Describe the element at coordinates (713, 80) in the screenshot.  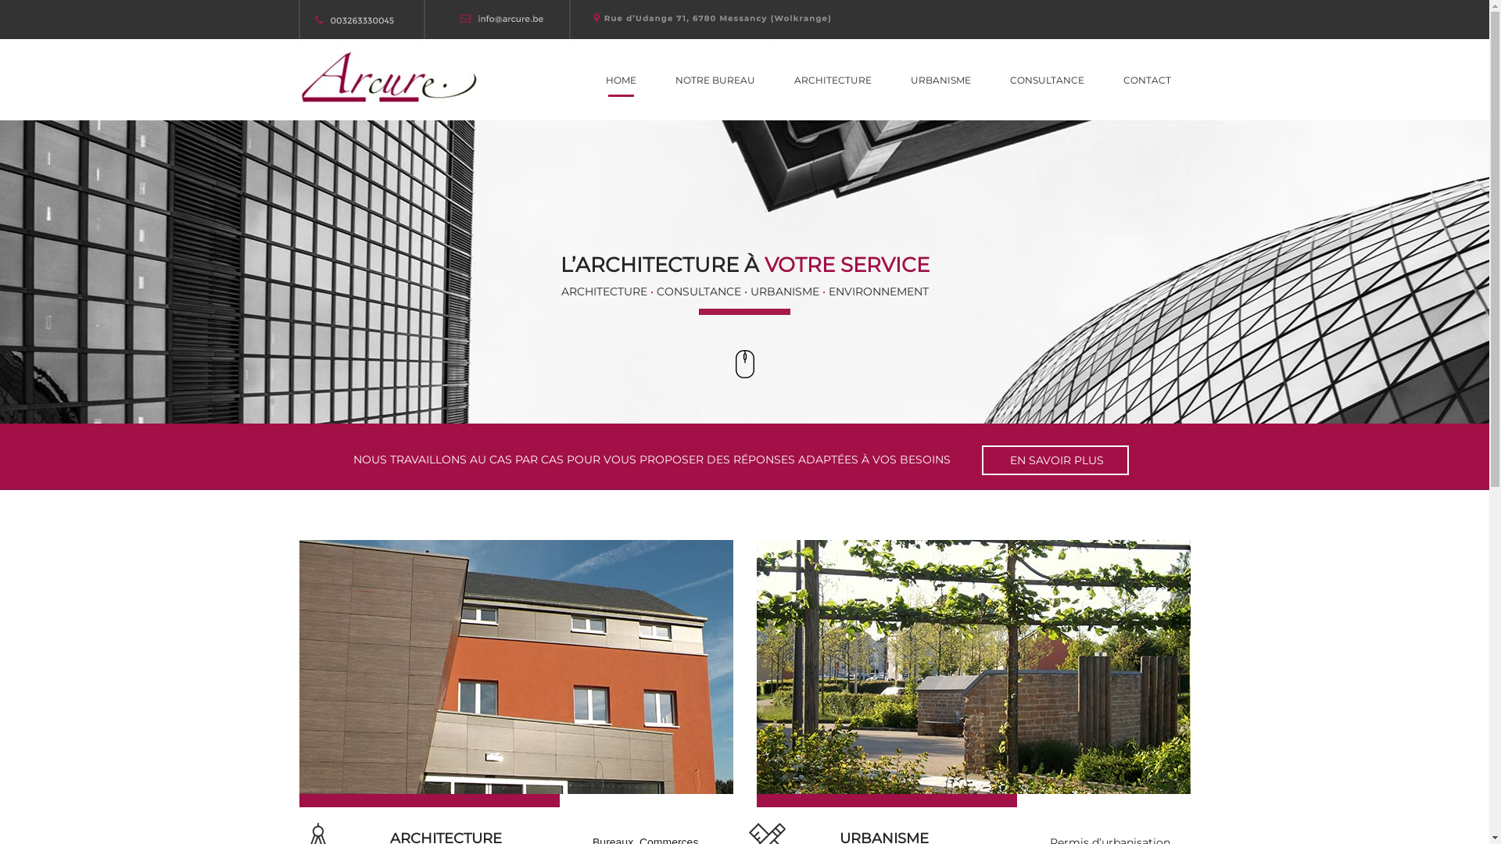
I see `'NOTRE BUREAU'` at that location.